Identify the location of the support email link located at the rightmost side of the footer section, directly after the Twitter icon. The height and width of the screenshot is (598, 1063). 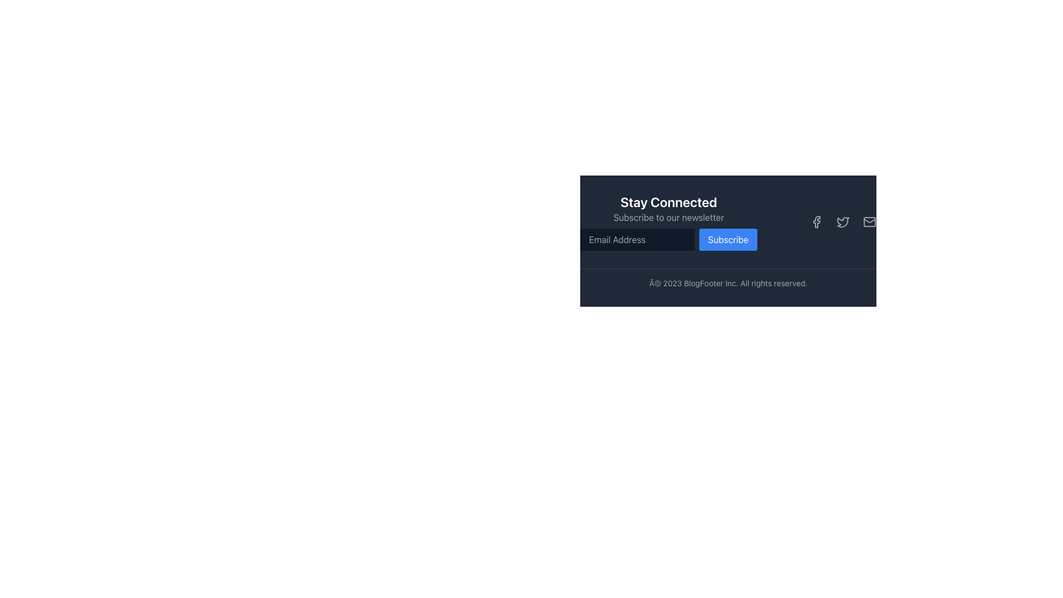
(869, 222).